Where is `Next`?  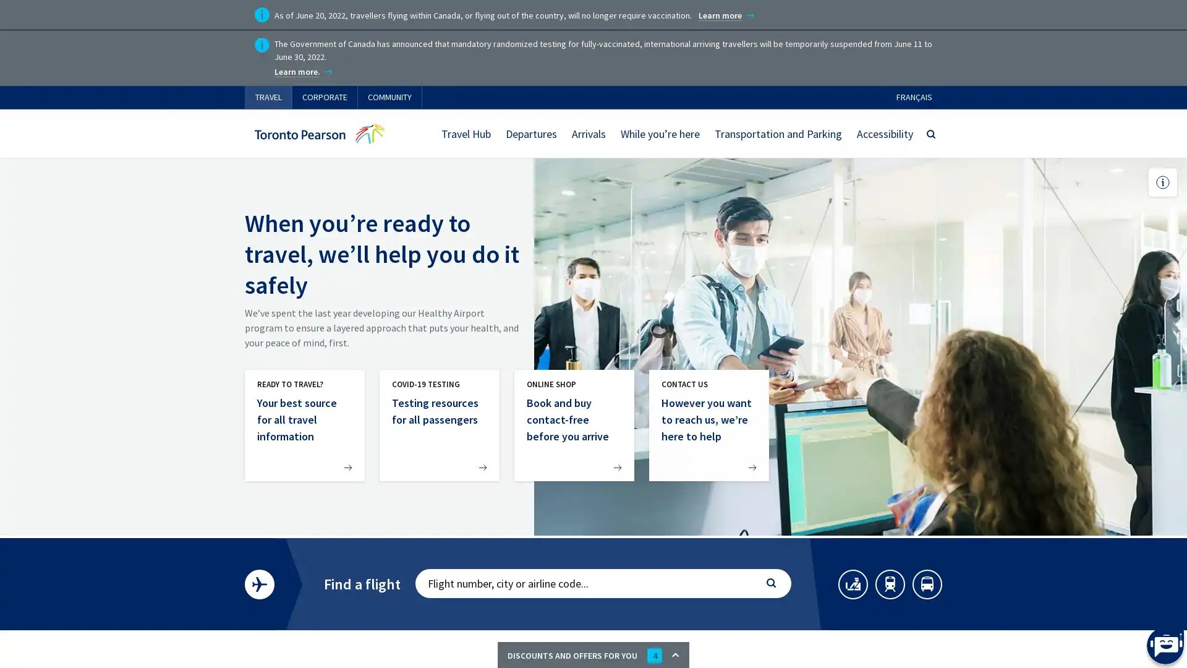
Next is located at coordinates (759, 424).